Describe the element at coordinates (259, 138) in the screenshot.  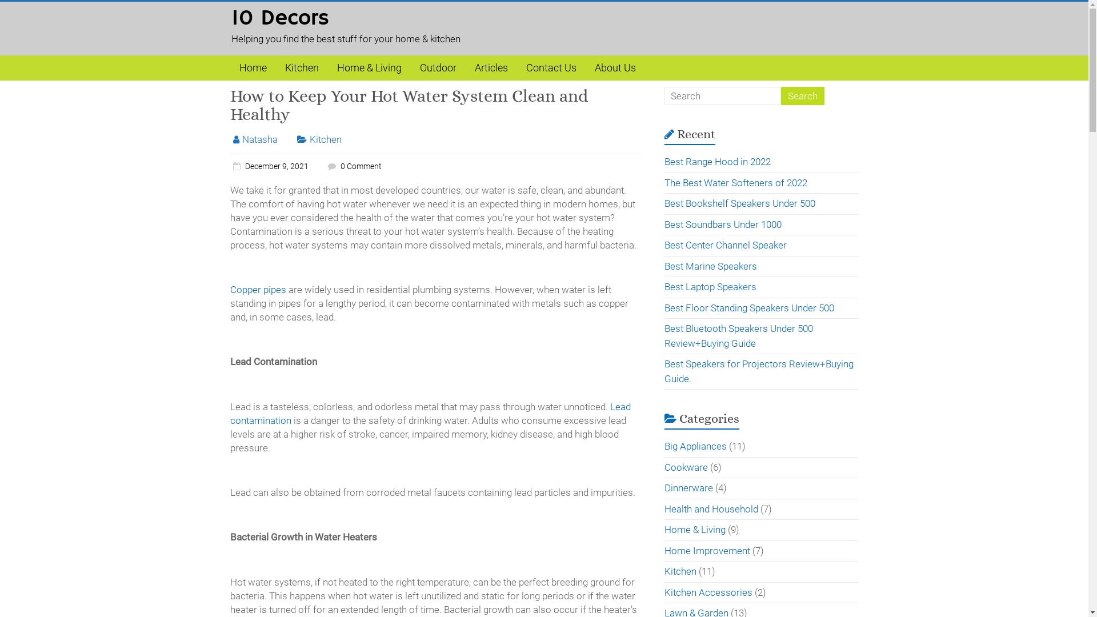
I see `'Natasha'` at that location.